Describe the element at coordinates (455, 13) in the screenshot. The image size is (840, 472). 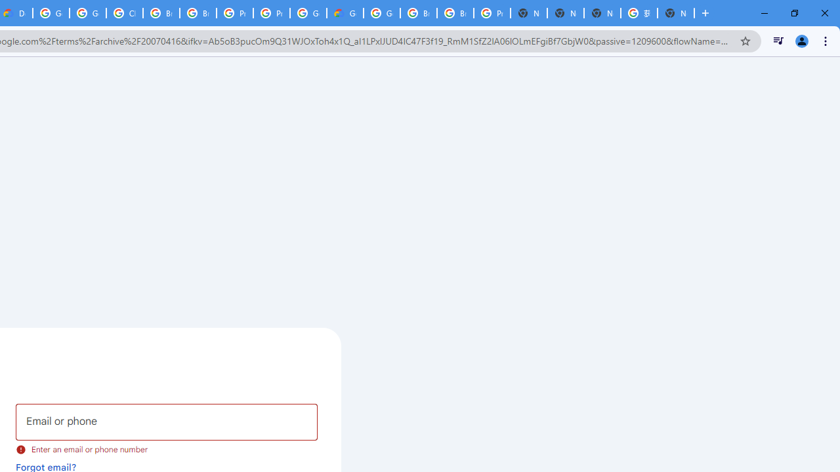
I see `'Browse Chrome as a guest - Computer - Google Chrome Help'` at that location.